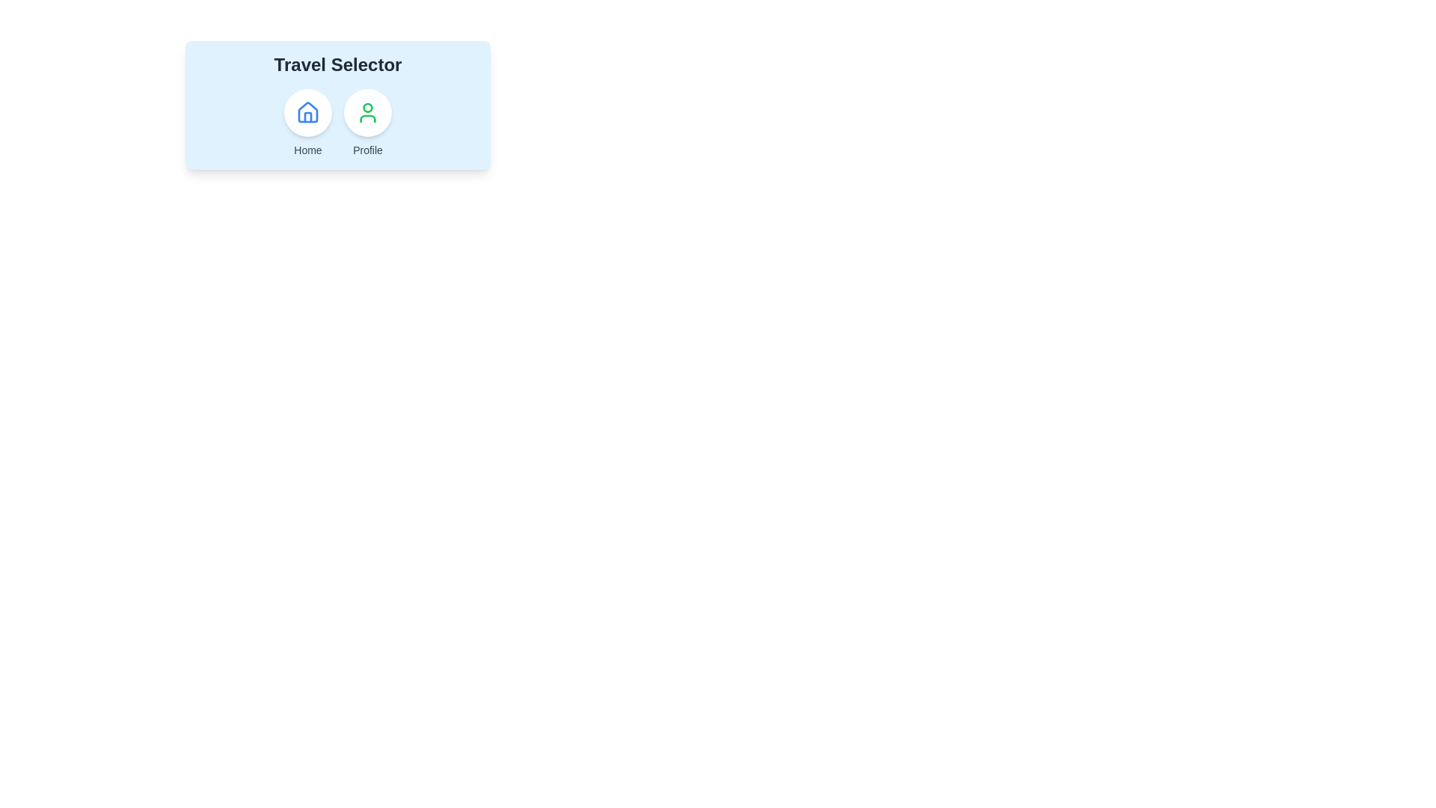  What do you see at coordinates (307, 150) in the screenshot?
I see `the descriptive text label located beneath the house icon in the 'Travel Selector' panel to invoke its associated action` at bounding box center [307, 150].